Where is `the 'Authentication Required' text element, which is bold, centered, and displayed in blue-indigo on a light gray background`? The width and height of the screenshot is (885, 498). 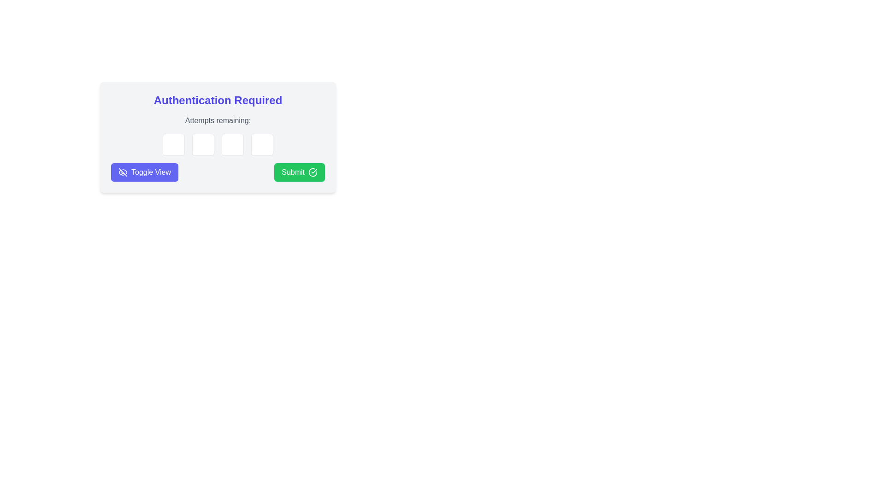 the 'Authentication Required' text element, which is bold, centered, and displayed in blue-indigo on a light gray background is located at coordinates (218, 101).